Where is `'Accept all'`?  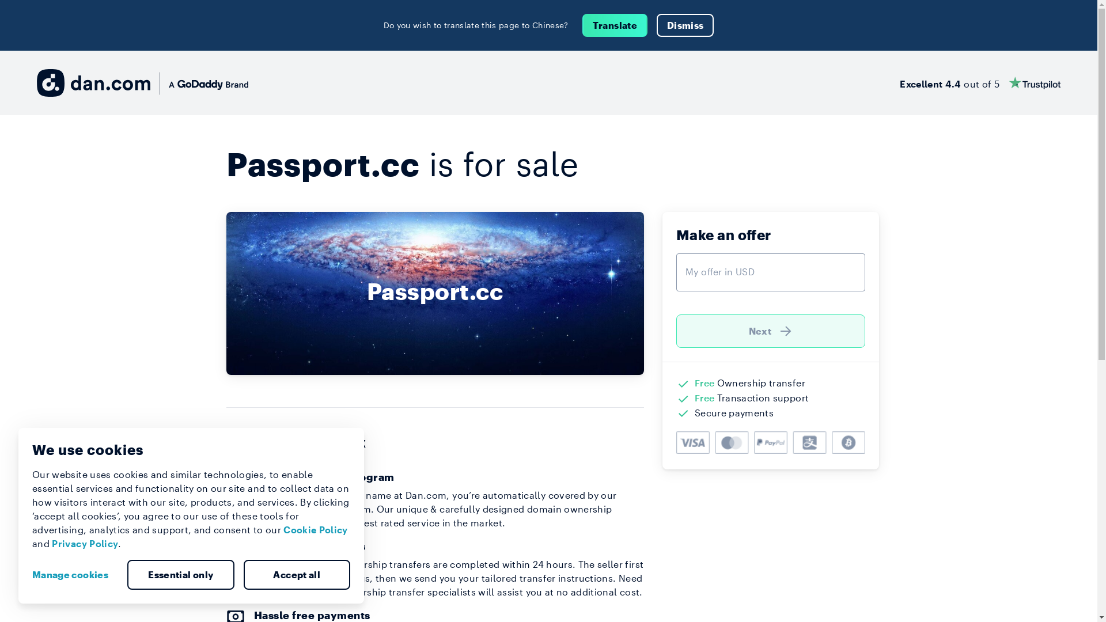 'Accept all' is located at coordinates (243, 575).